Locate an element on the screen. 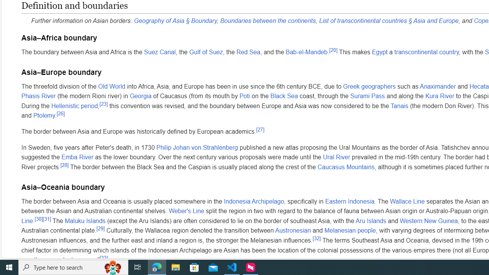 This screenshot has height=275, width=489. 'Hellenistic period' is located at coordinates (74, 105).